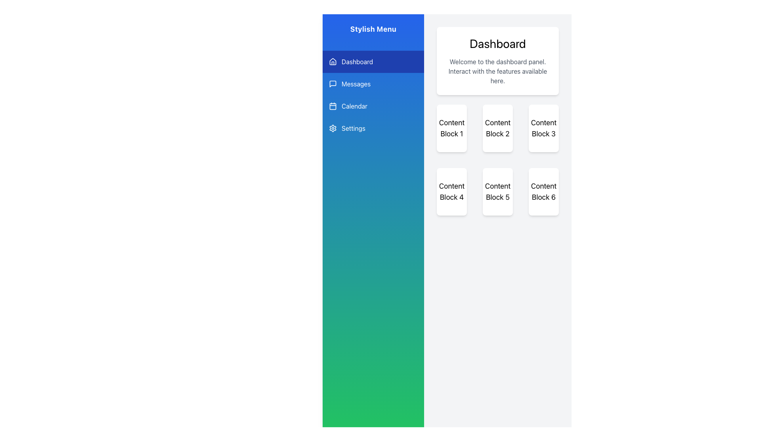  What do you see at coordinates (333, 105) in the screenshot?
I see `the main body of the calendar representation icon located in the vertical navigation menu on the left` at bounding box center [333, 105].